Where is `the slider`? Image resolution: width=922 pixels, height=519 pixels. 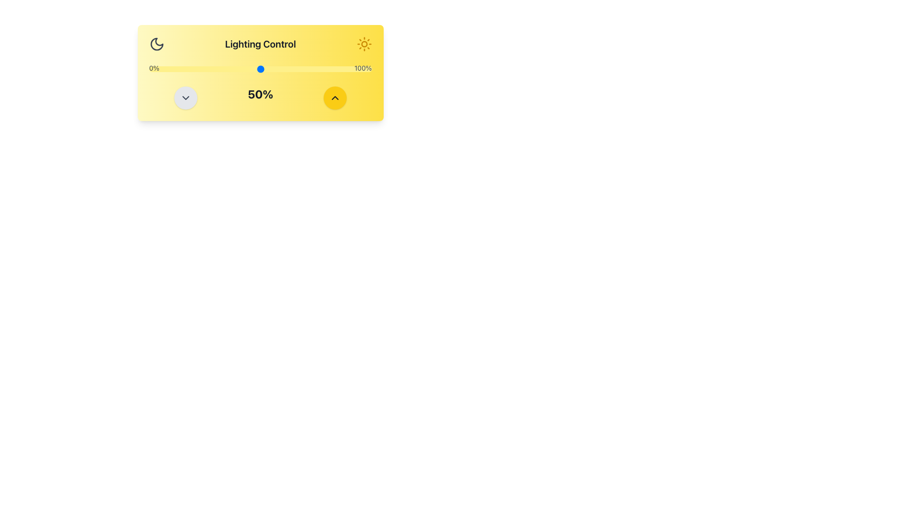 the slider is located at coordinates (169, 68).